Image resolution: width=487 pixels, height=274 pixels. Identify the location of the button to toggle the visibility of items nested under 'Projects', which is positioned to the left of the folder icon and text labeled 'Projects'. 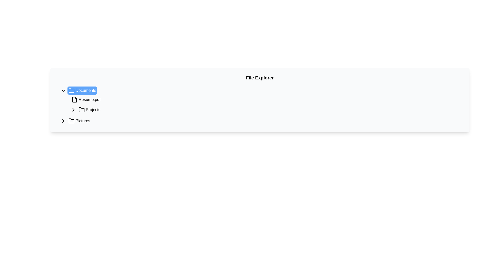
(73, 109).